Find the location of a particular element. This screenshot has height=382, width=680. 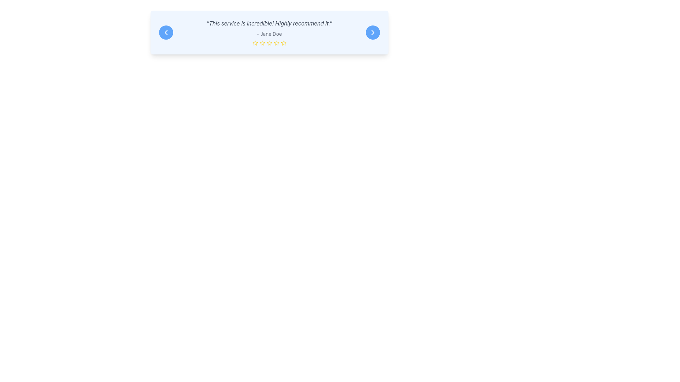

the Static content: Testimonial block which contains the testimonial text 'This service is incredible! Highly recommend it.' and author attribution '- Jane Doe' is located at coordinates (269, 33).